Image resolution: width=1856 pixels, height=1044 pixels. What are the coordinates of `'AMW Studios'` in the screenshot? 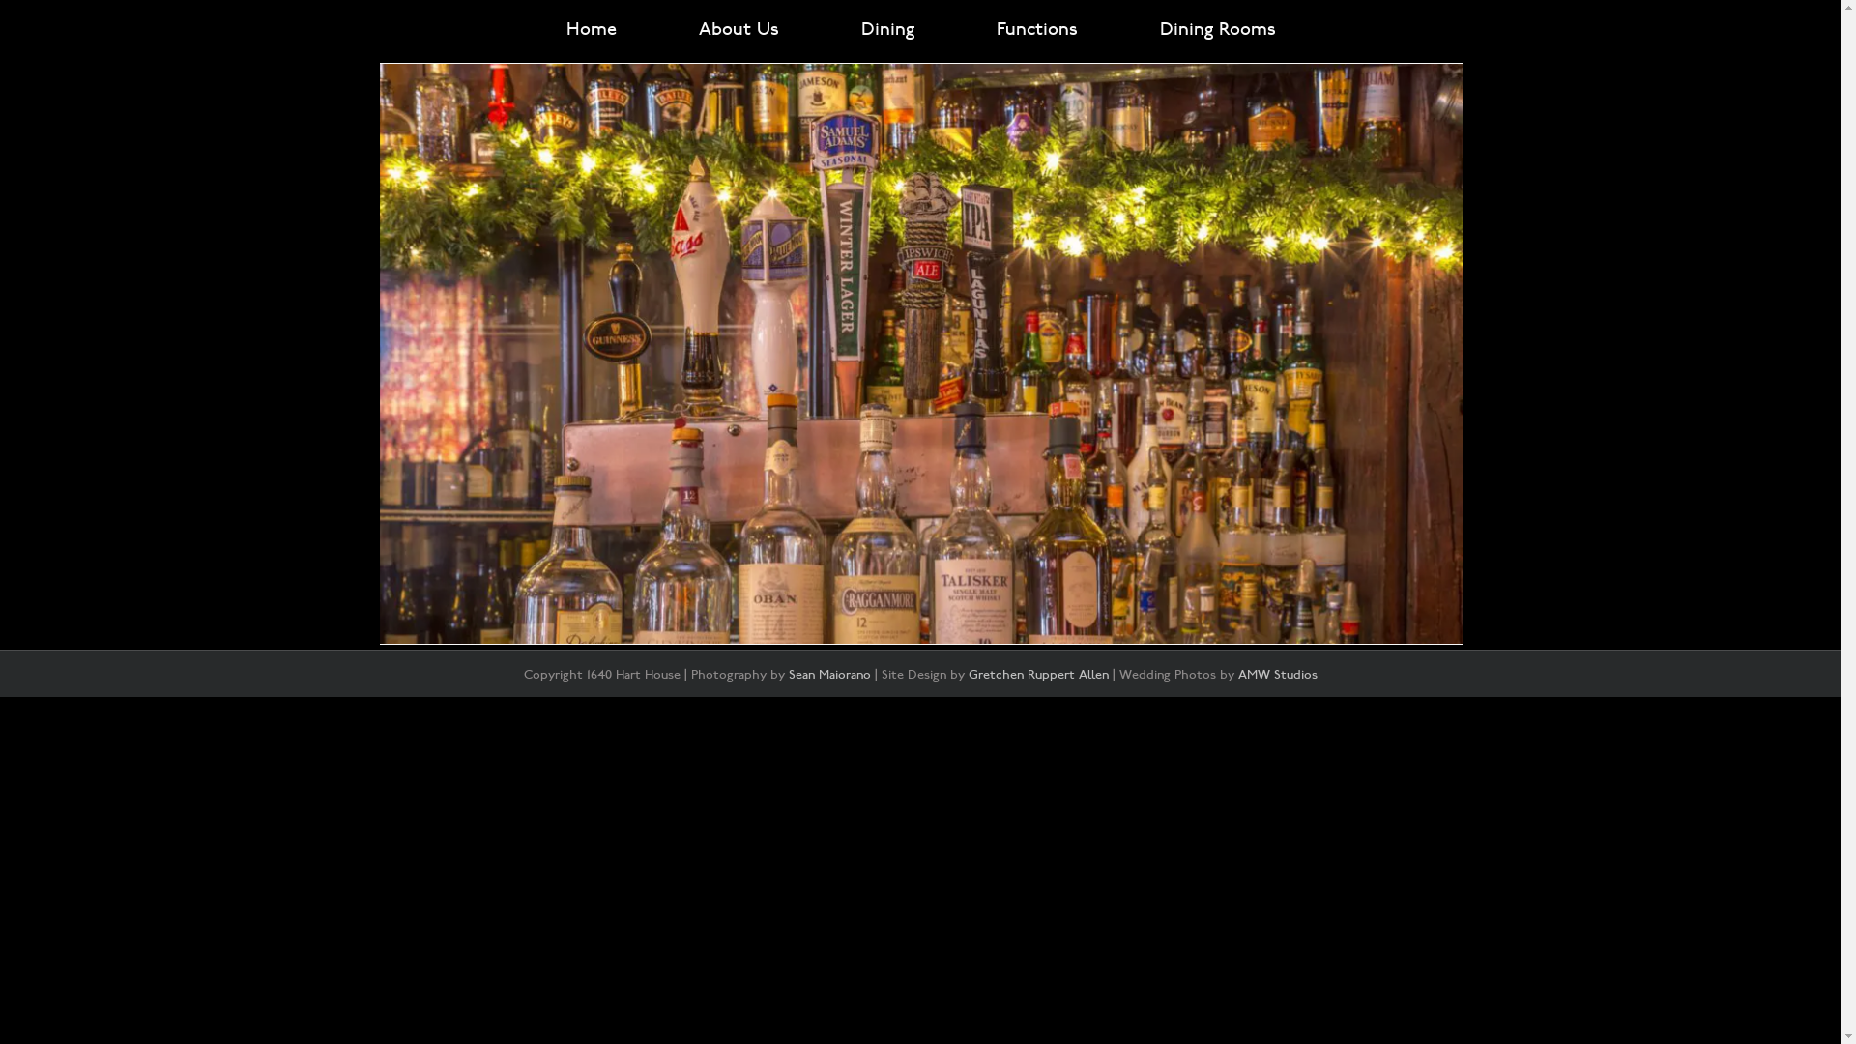 It's located at (1238, 674).